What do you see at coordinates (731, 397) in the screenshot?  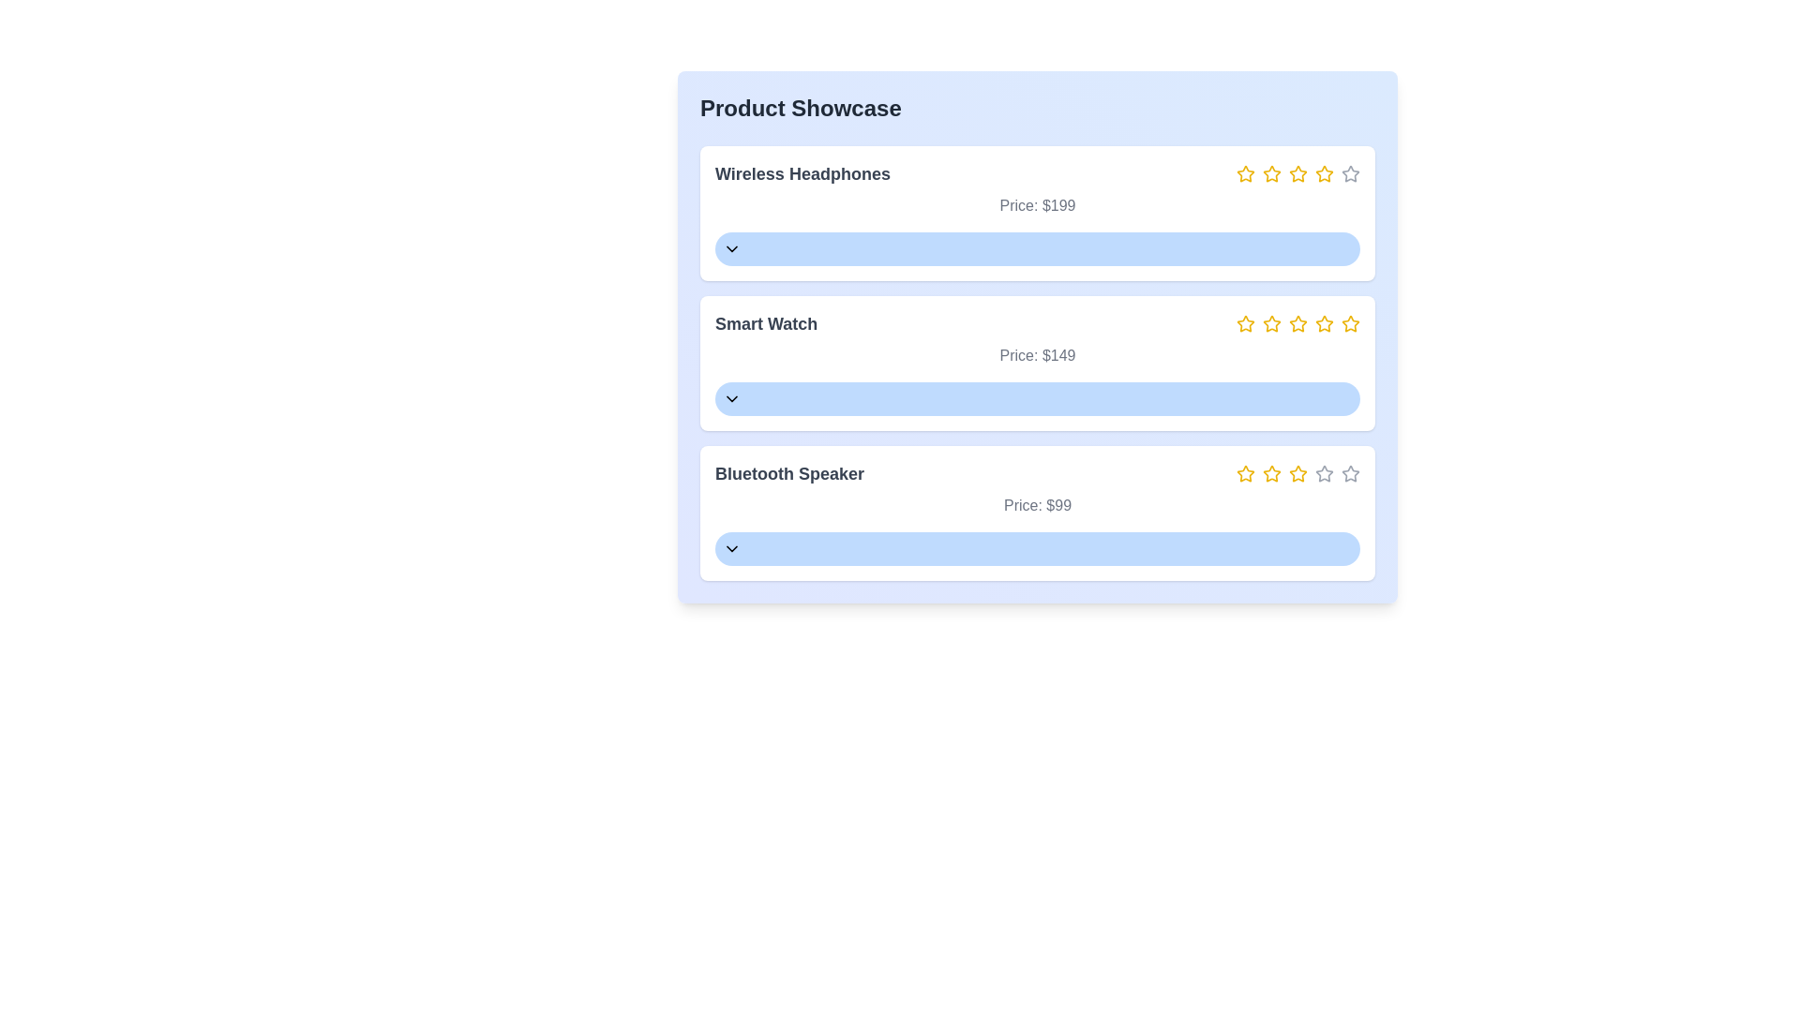 I see `the small downward-facing chevron icon with a thin black stroke located within the interactive button of the 'Smart Watch' section` at bounding box center [731, 397].